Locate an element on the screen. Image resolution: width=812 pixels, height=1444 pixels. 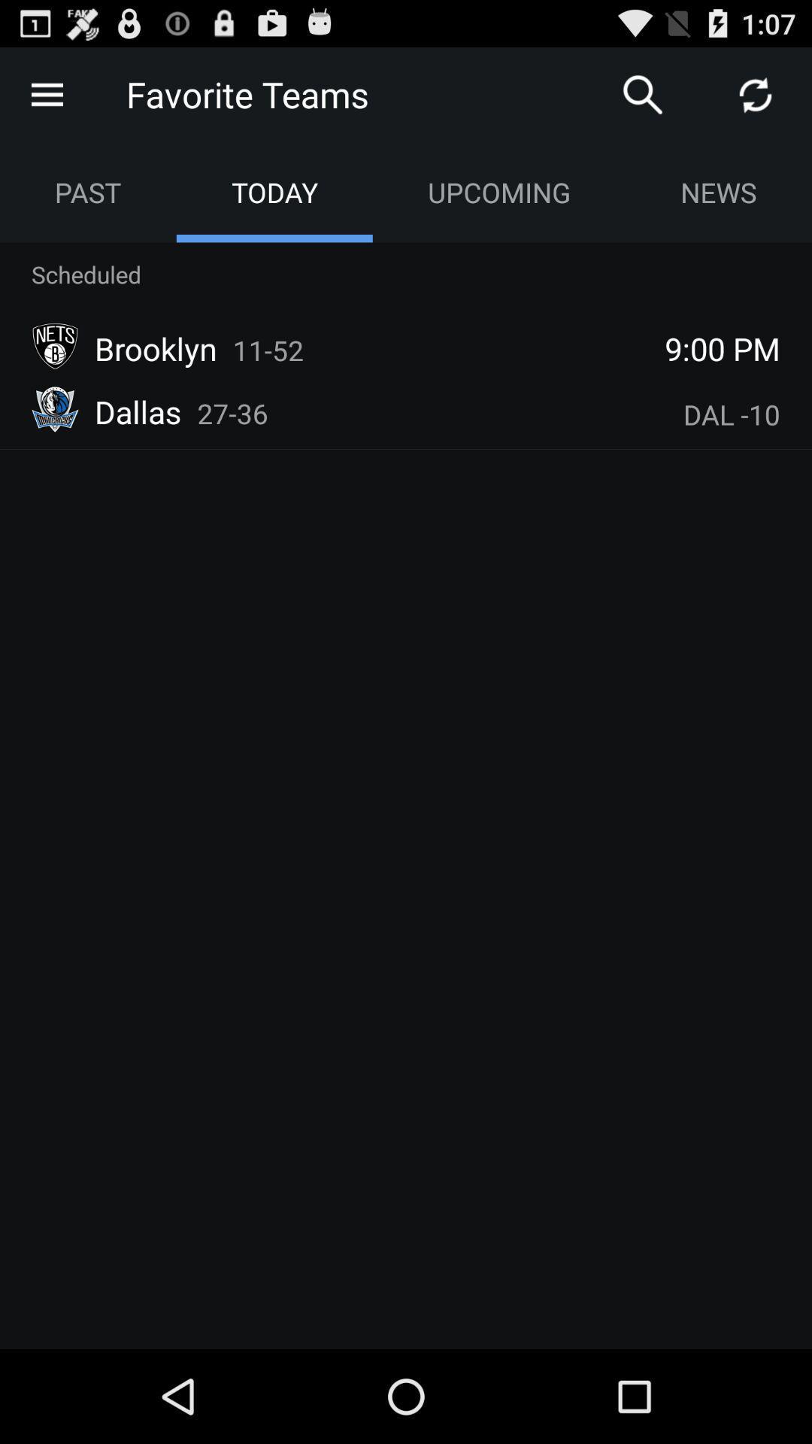
the item next to the today item is located at coordinates (88, 191).